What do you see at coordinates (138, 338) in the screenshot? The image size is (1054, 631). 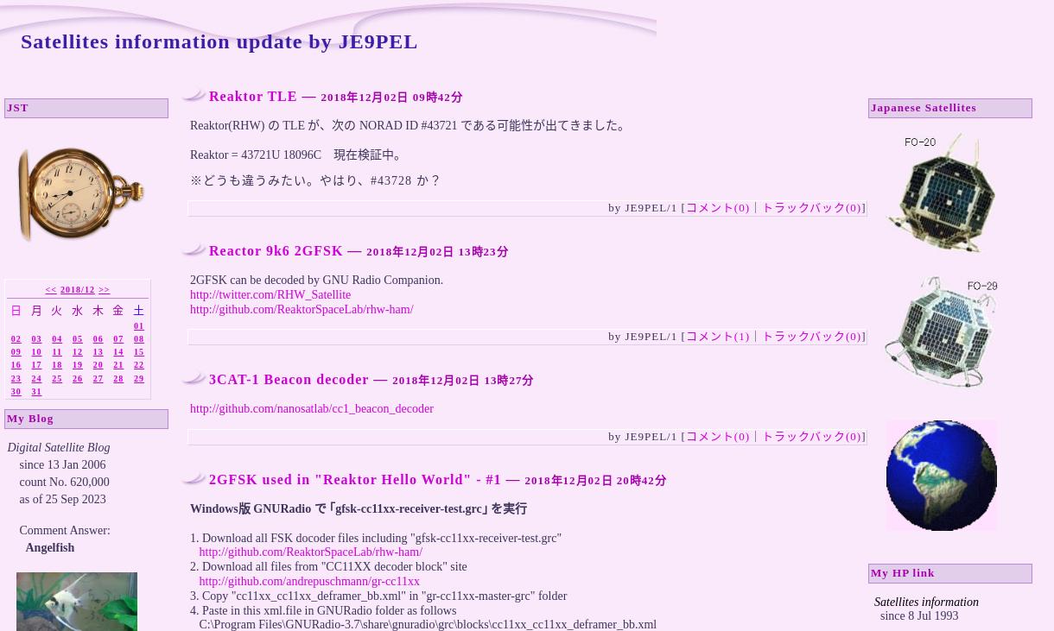 I see `'08'` at bounding box center [138, 338].